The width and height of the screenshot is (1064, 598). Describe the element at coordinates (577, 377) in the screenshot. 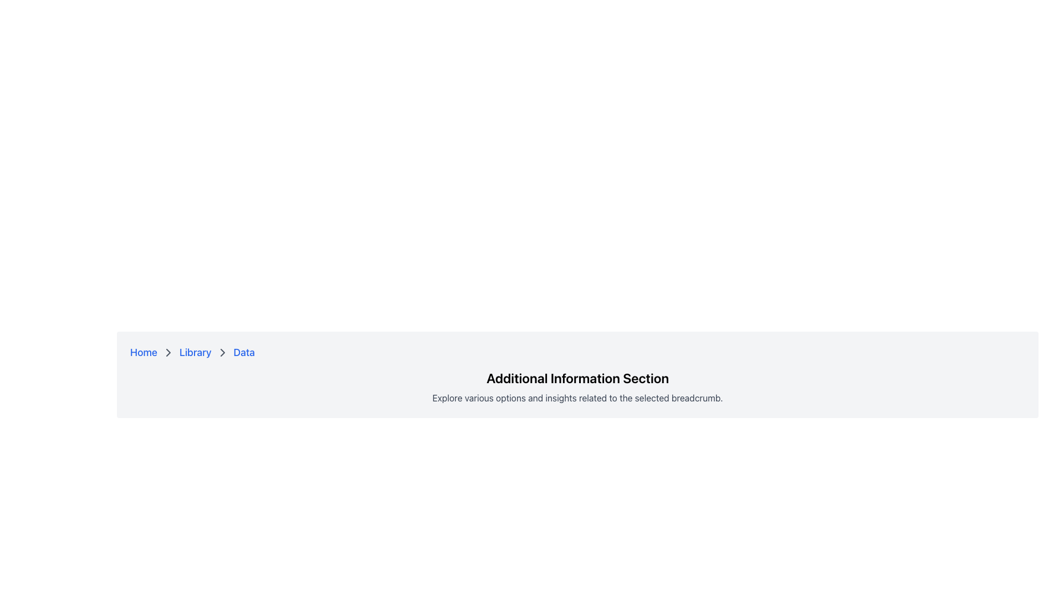

I see `the Text label that serves as a heading for the section, located in the upper-middle part of the current section, above the descriptive text` at that location.